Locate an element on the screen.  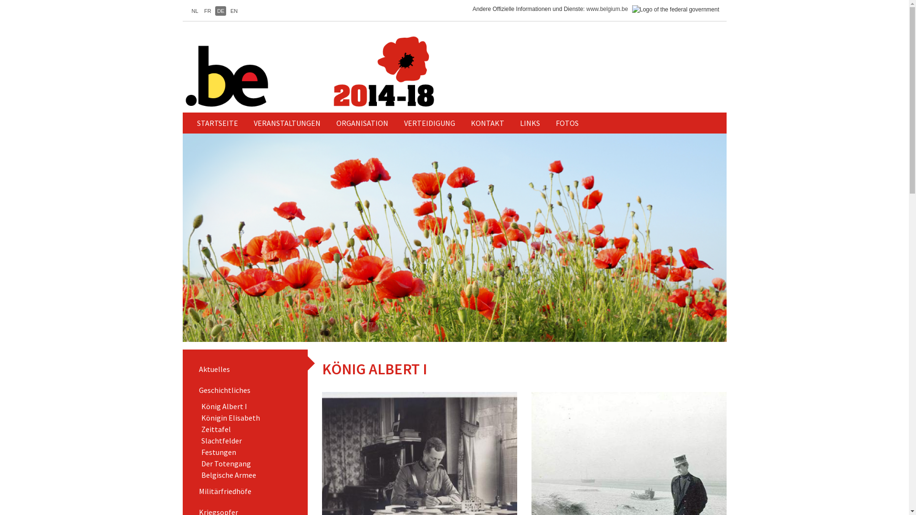
'STARTSEITE' is located at coordinates (190, 123).